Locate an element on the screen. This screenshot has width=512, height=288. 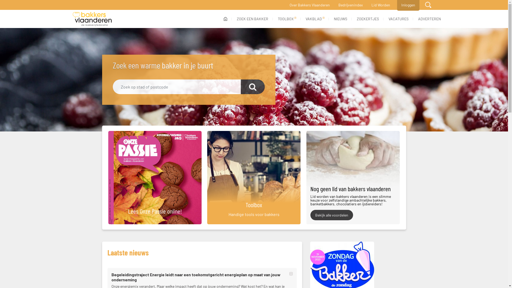
'ZOEKERTJES' is located at coordinates (367, 18).